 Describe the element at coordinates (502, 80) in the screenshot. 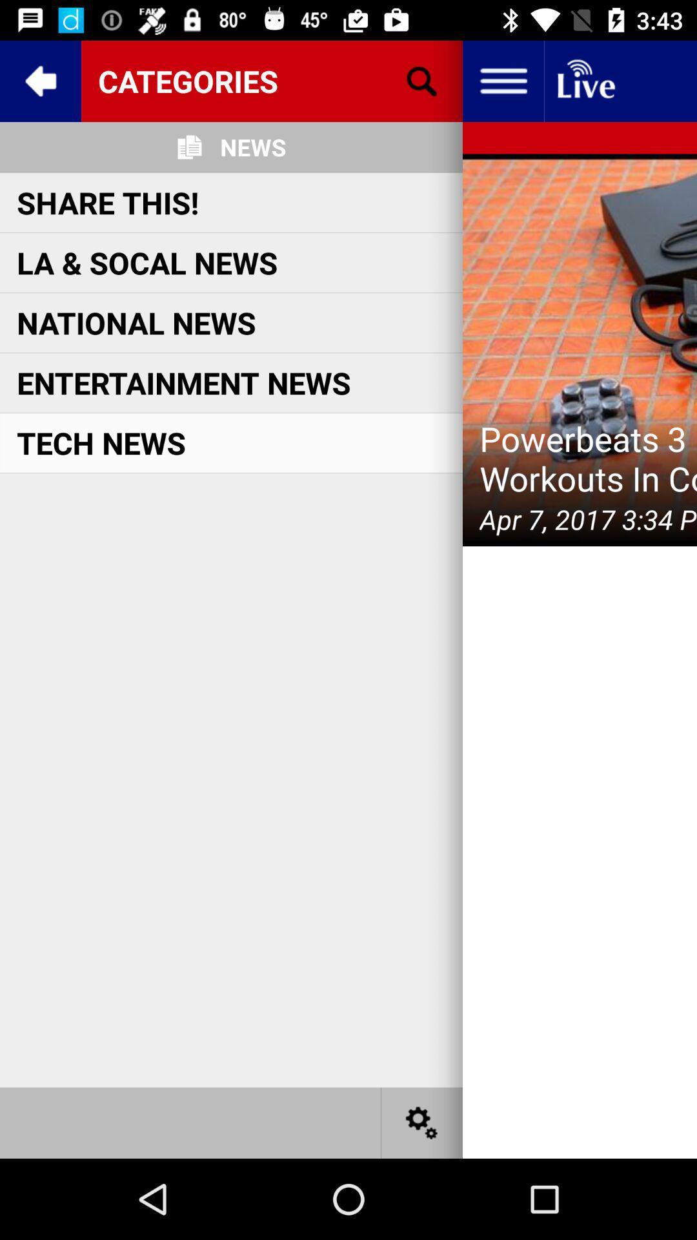

I see `hit option button` at that location.